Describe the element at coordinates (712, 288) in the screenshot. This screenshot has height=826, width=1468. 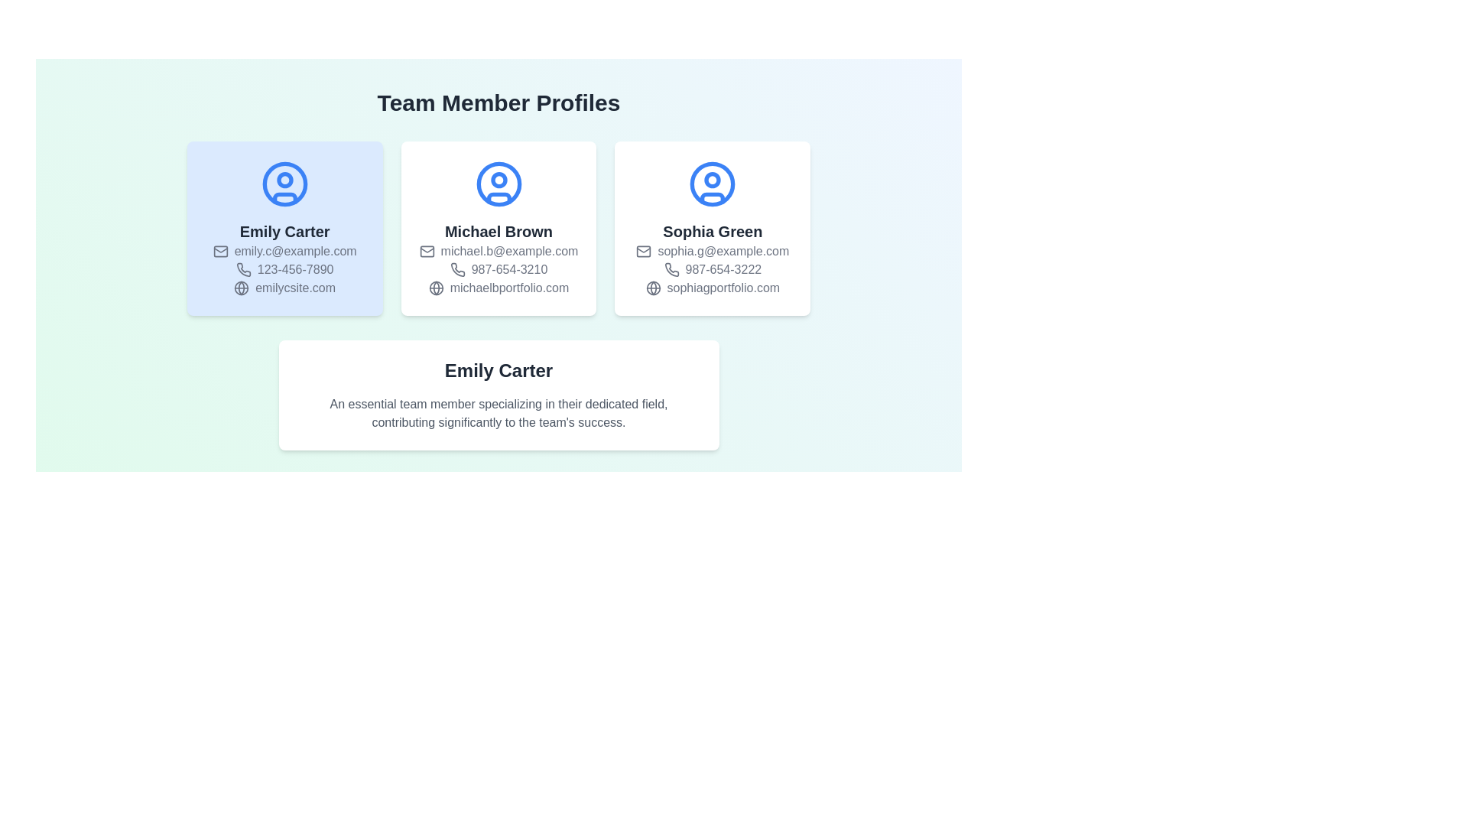
I see `the hyperlink for Sophia Green's portfolio located in the lower section of the card, below the phone number and email text` at that location.